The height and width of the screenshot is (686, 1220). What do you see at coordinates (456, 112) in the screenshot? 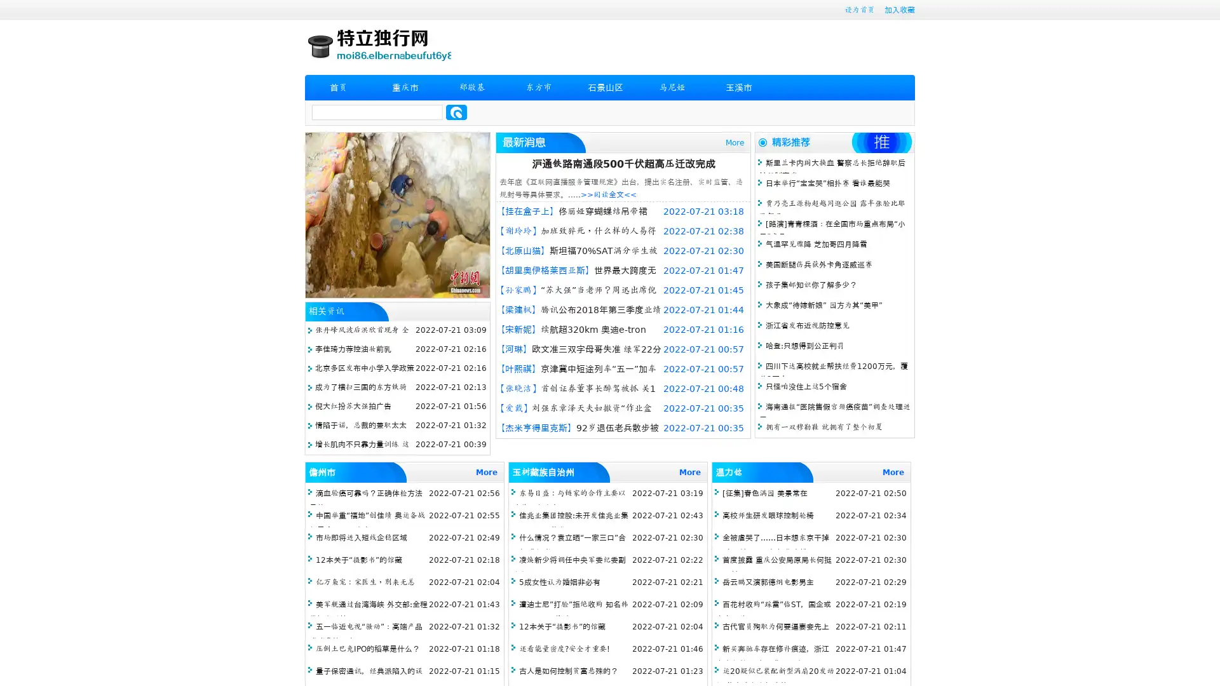
I see `Search` at bounding box center [456, 112].